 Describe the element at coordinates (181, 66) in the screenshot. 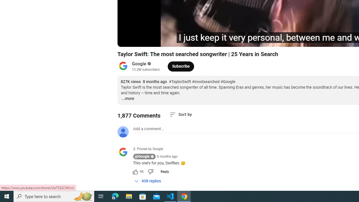

I see `'Subscribe to Google.'` at that location.